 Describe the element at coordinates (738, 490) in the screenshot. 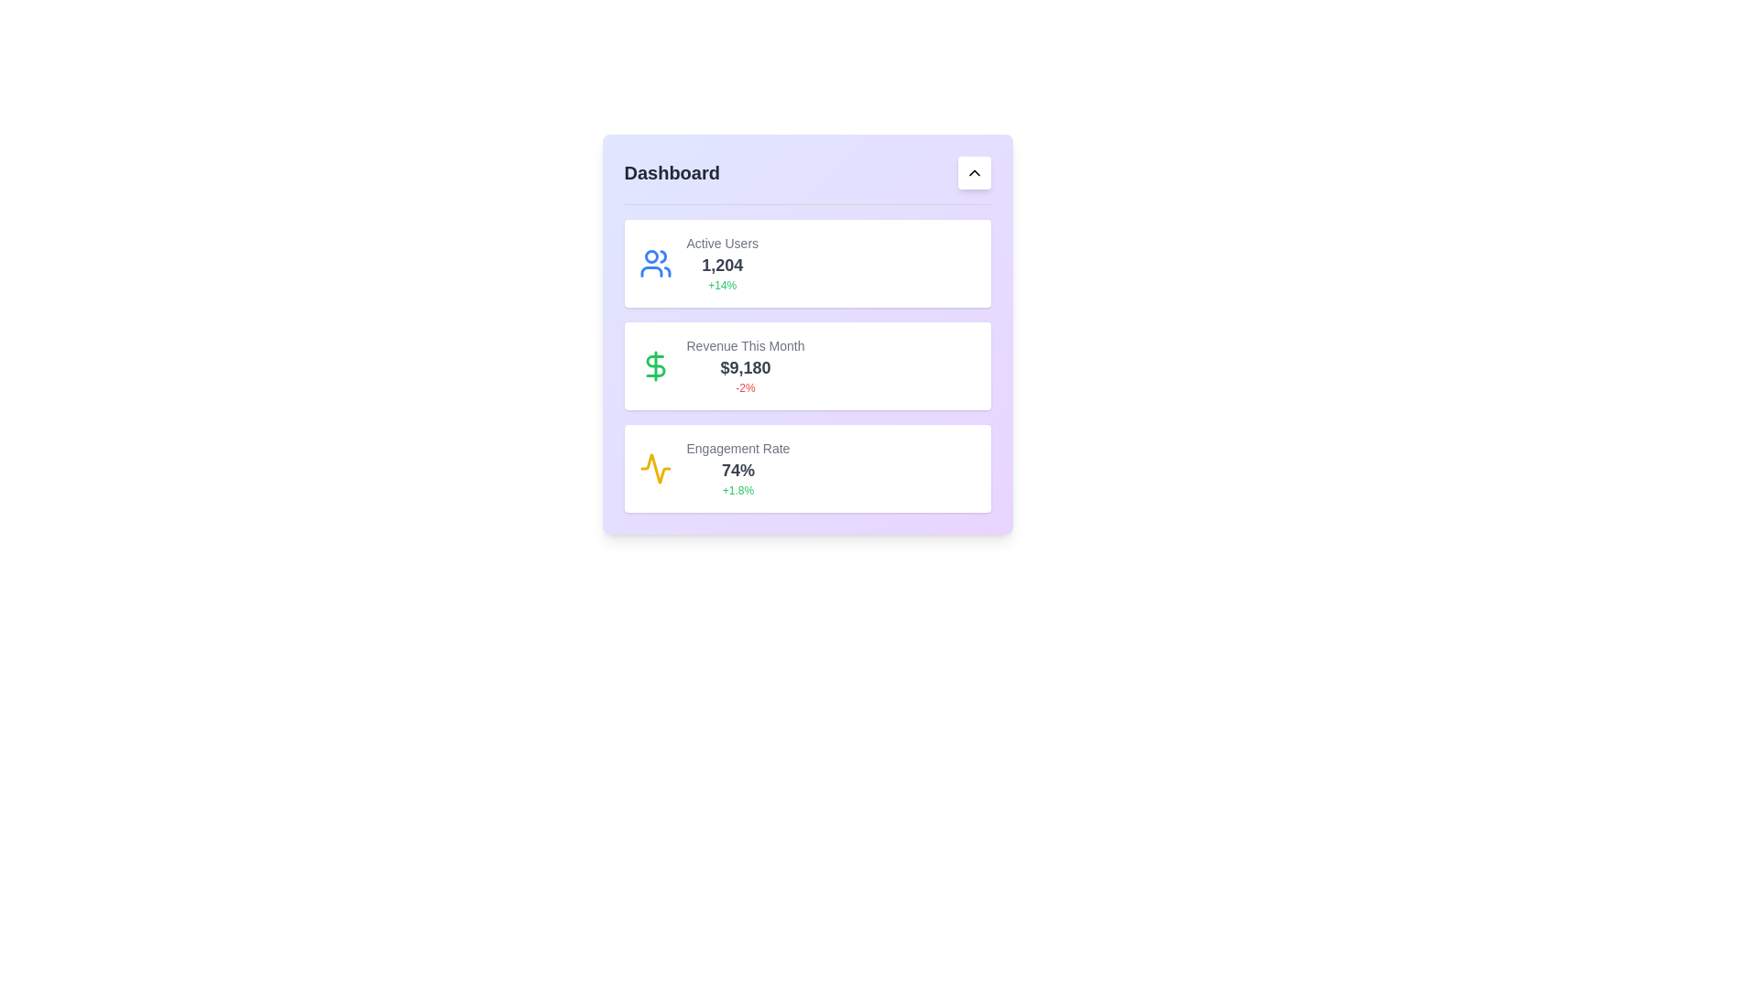

I see `the static text label that displays a change indicator for the engagement rate, located at the bottom right corner of the 'Engagement Rate' card, underneath the percentage value '74%` at that location.